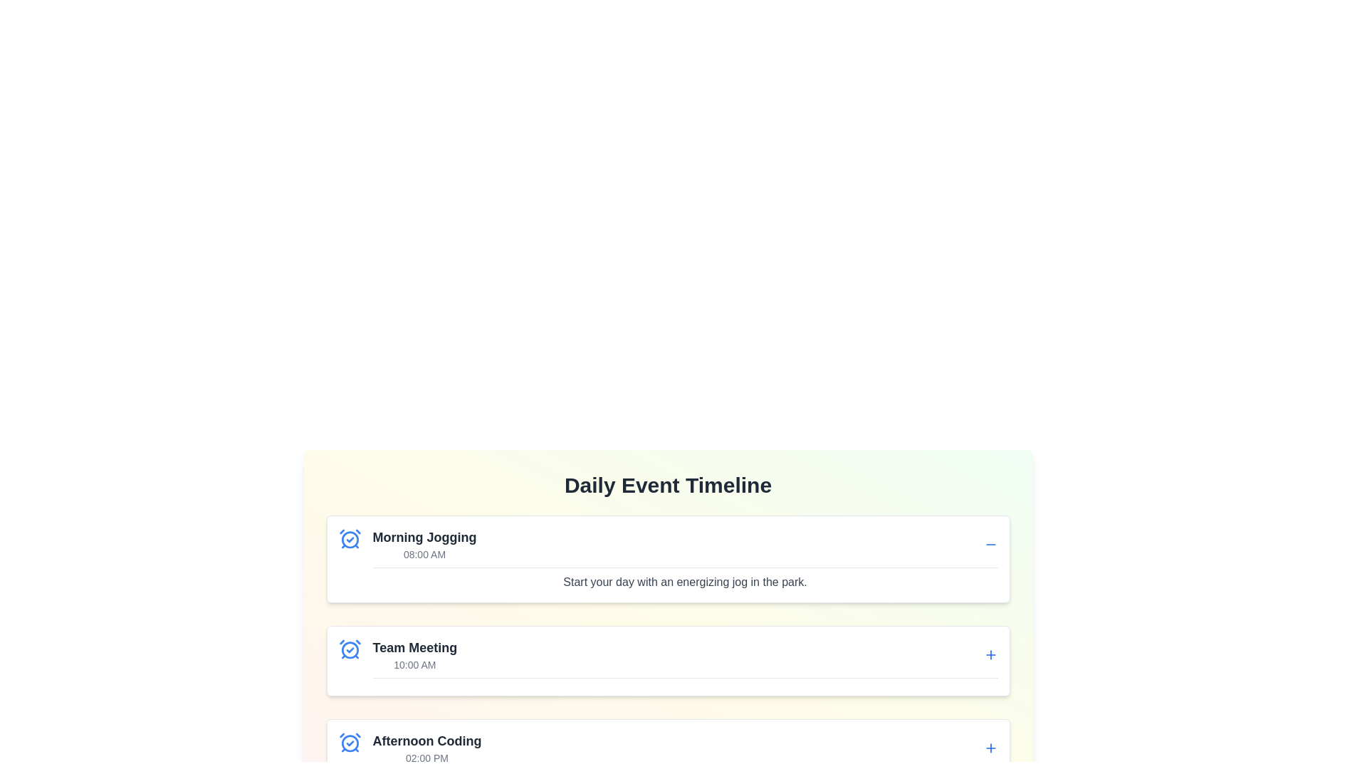  Describe the element at coordinates (350, 540) in the screenshot. I see `the alarm clock icon component which serves as a visual cue for reminders related to the 'Morning Jogging' event` at that location.